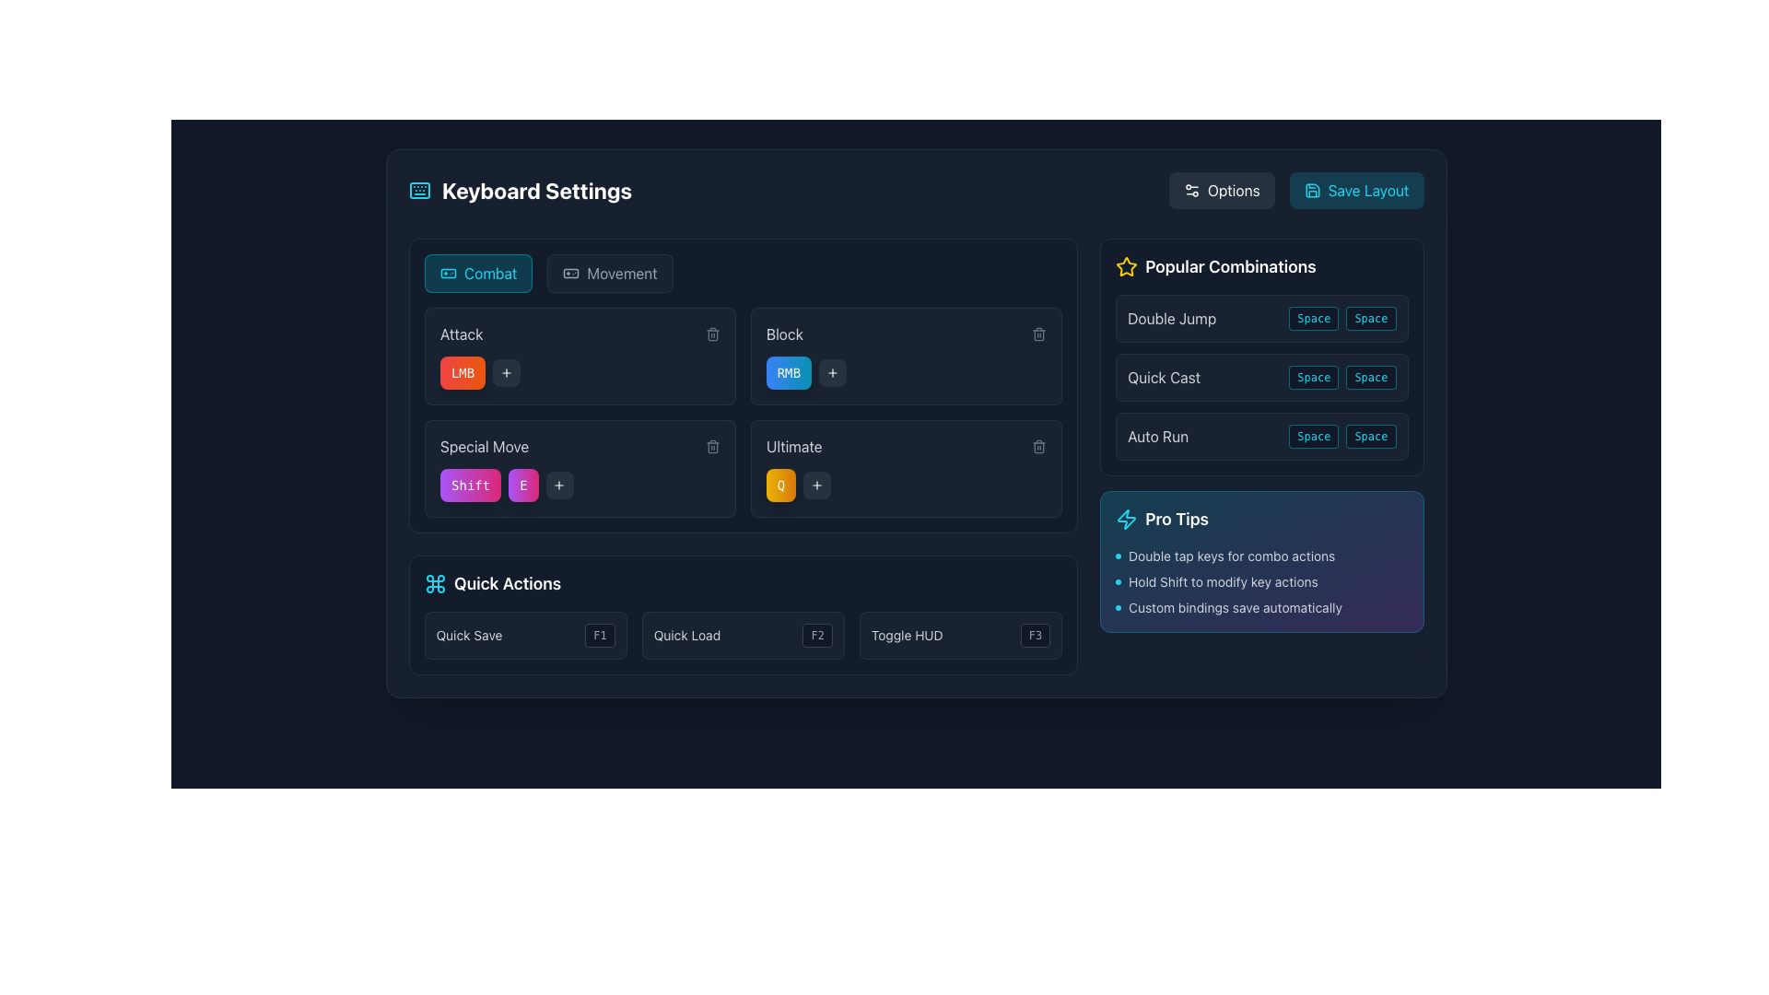 Image resolution: width=1769 pixels, height=995 pixels. I want to click on the label indicating the 'F3' hotkey binding for the 'Toggle HUD' action, located to the right of the 'Toggle HUD' label in the 'Quick Actions' section, so click(1035, 635).